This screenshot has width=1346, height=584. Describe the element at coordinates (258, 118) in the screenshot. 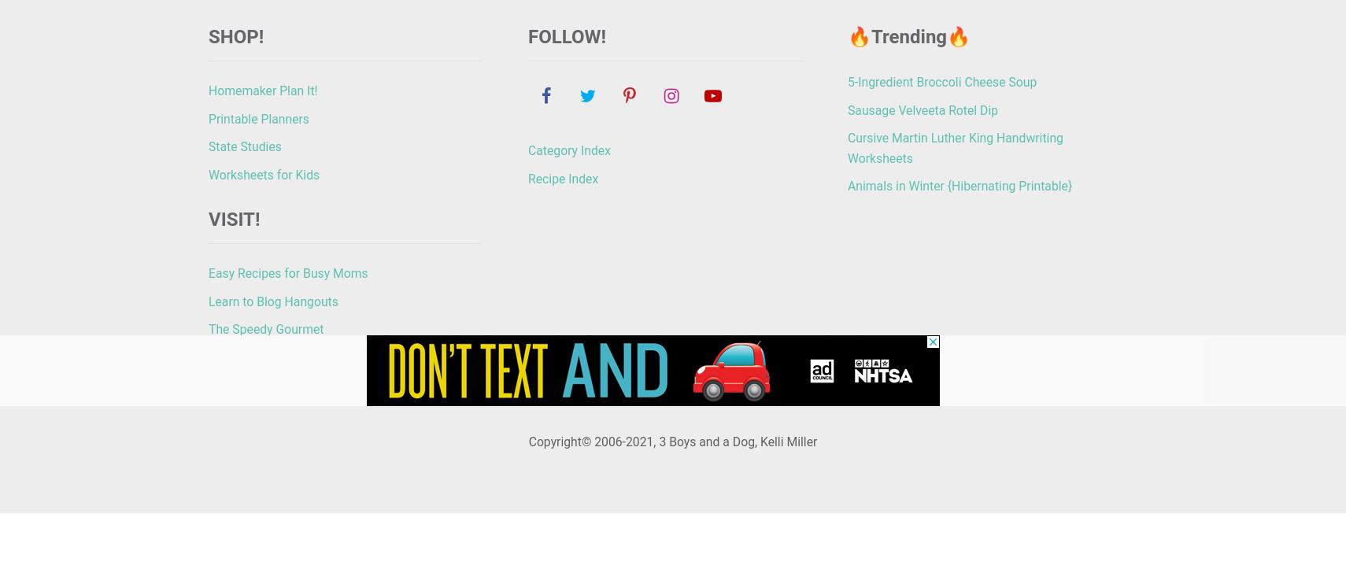

I see `'Printable Planners'` at that location.